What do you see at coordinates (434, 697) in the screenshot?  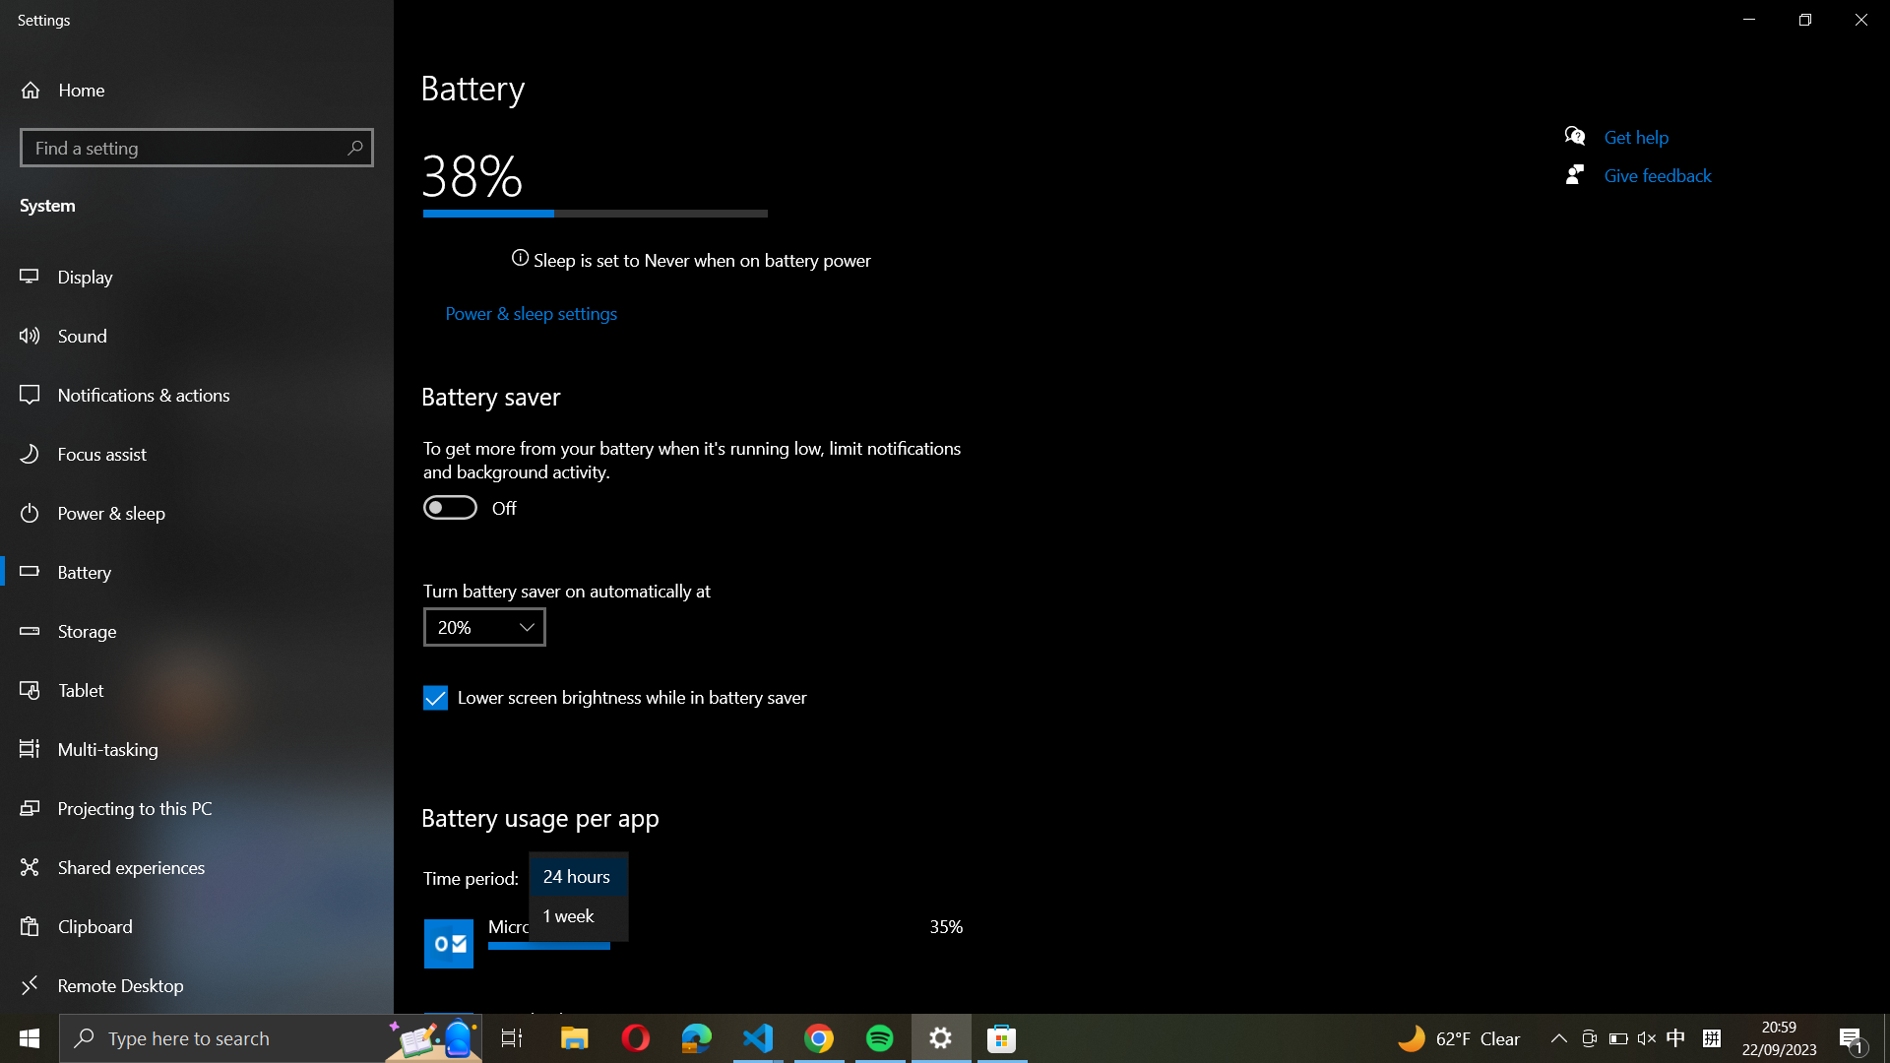 I see `Turn off the auto-lower brightness function when on battery saver` at bounding box center [434, 697].